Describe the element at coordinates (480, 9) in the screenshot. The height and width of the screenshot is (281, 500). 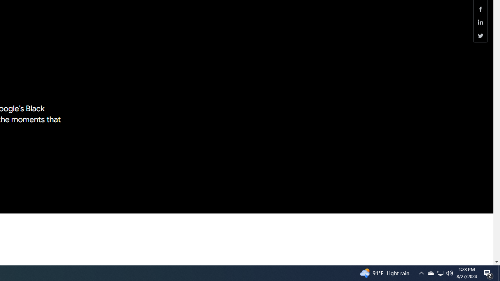
I see `'Share this page (Facebook)'` at that location.